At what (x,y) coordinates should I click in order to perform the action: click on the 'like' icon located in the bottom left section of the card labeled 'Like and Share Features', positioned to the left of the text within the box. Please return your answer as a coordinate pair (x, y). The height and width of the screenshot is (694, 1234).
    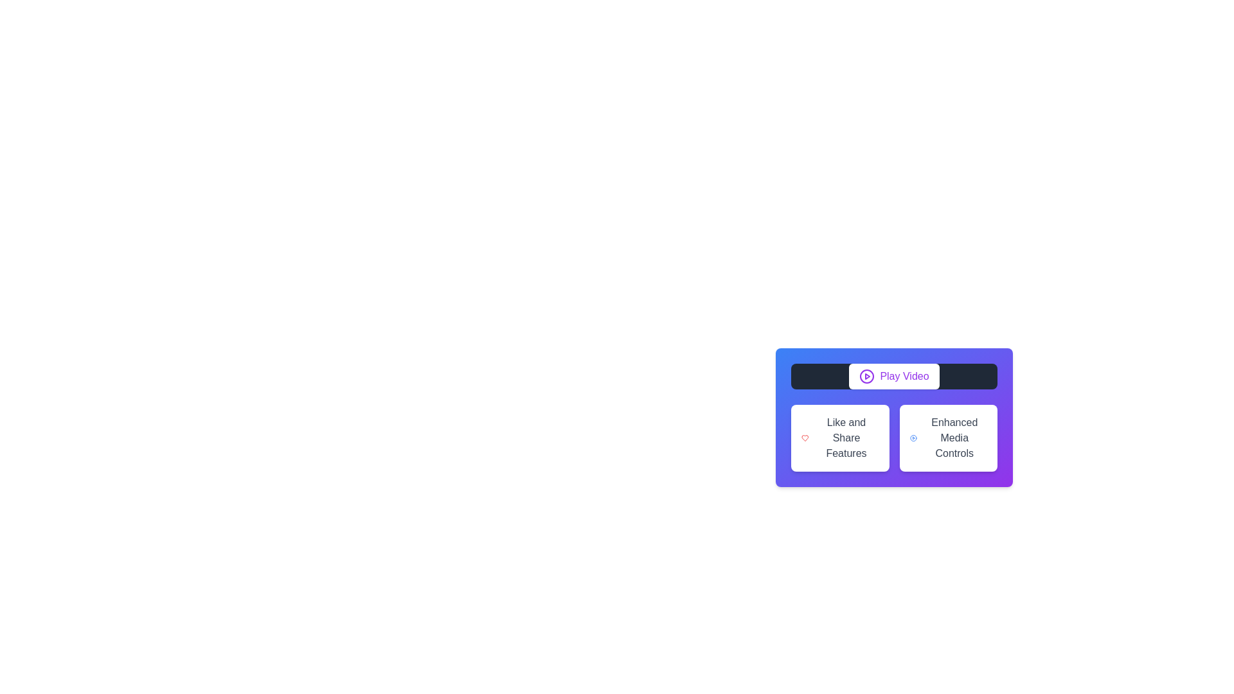
    Looking at the image, I should click on (804, 438).